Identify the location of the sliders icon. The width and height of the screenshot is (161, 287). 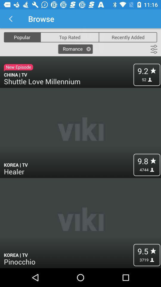
(154, 49).